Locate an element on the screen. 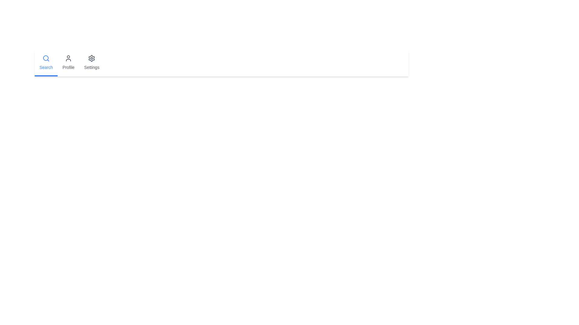 The width and height of the screenshot is (579, 325). the central gear icon within the 'Settings' option in the horizontal menu bar is located at coordinates (91, 58).